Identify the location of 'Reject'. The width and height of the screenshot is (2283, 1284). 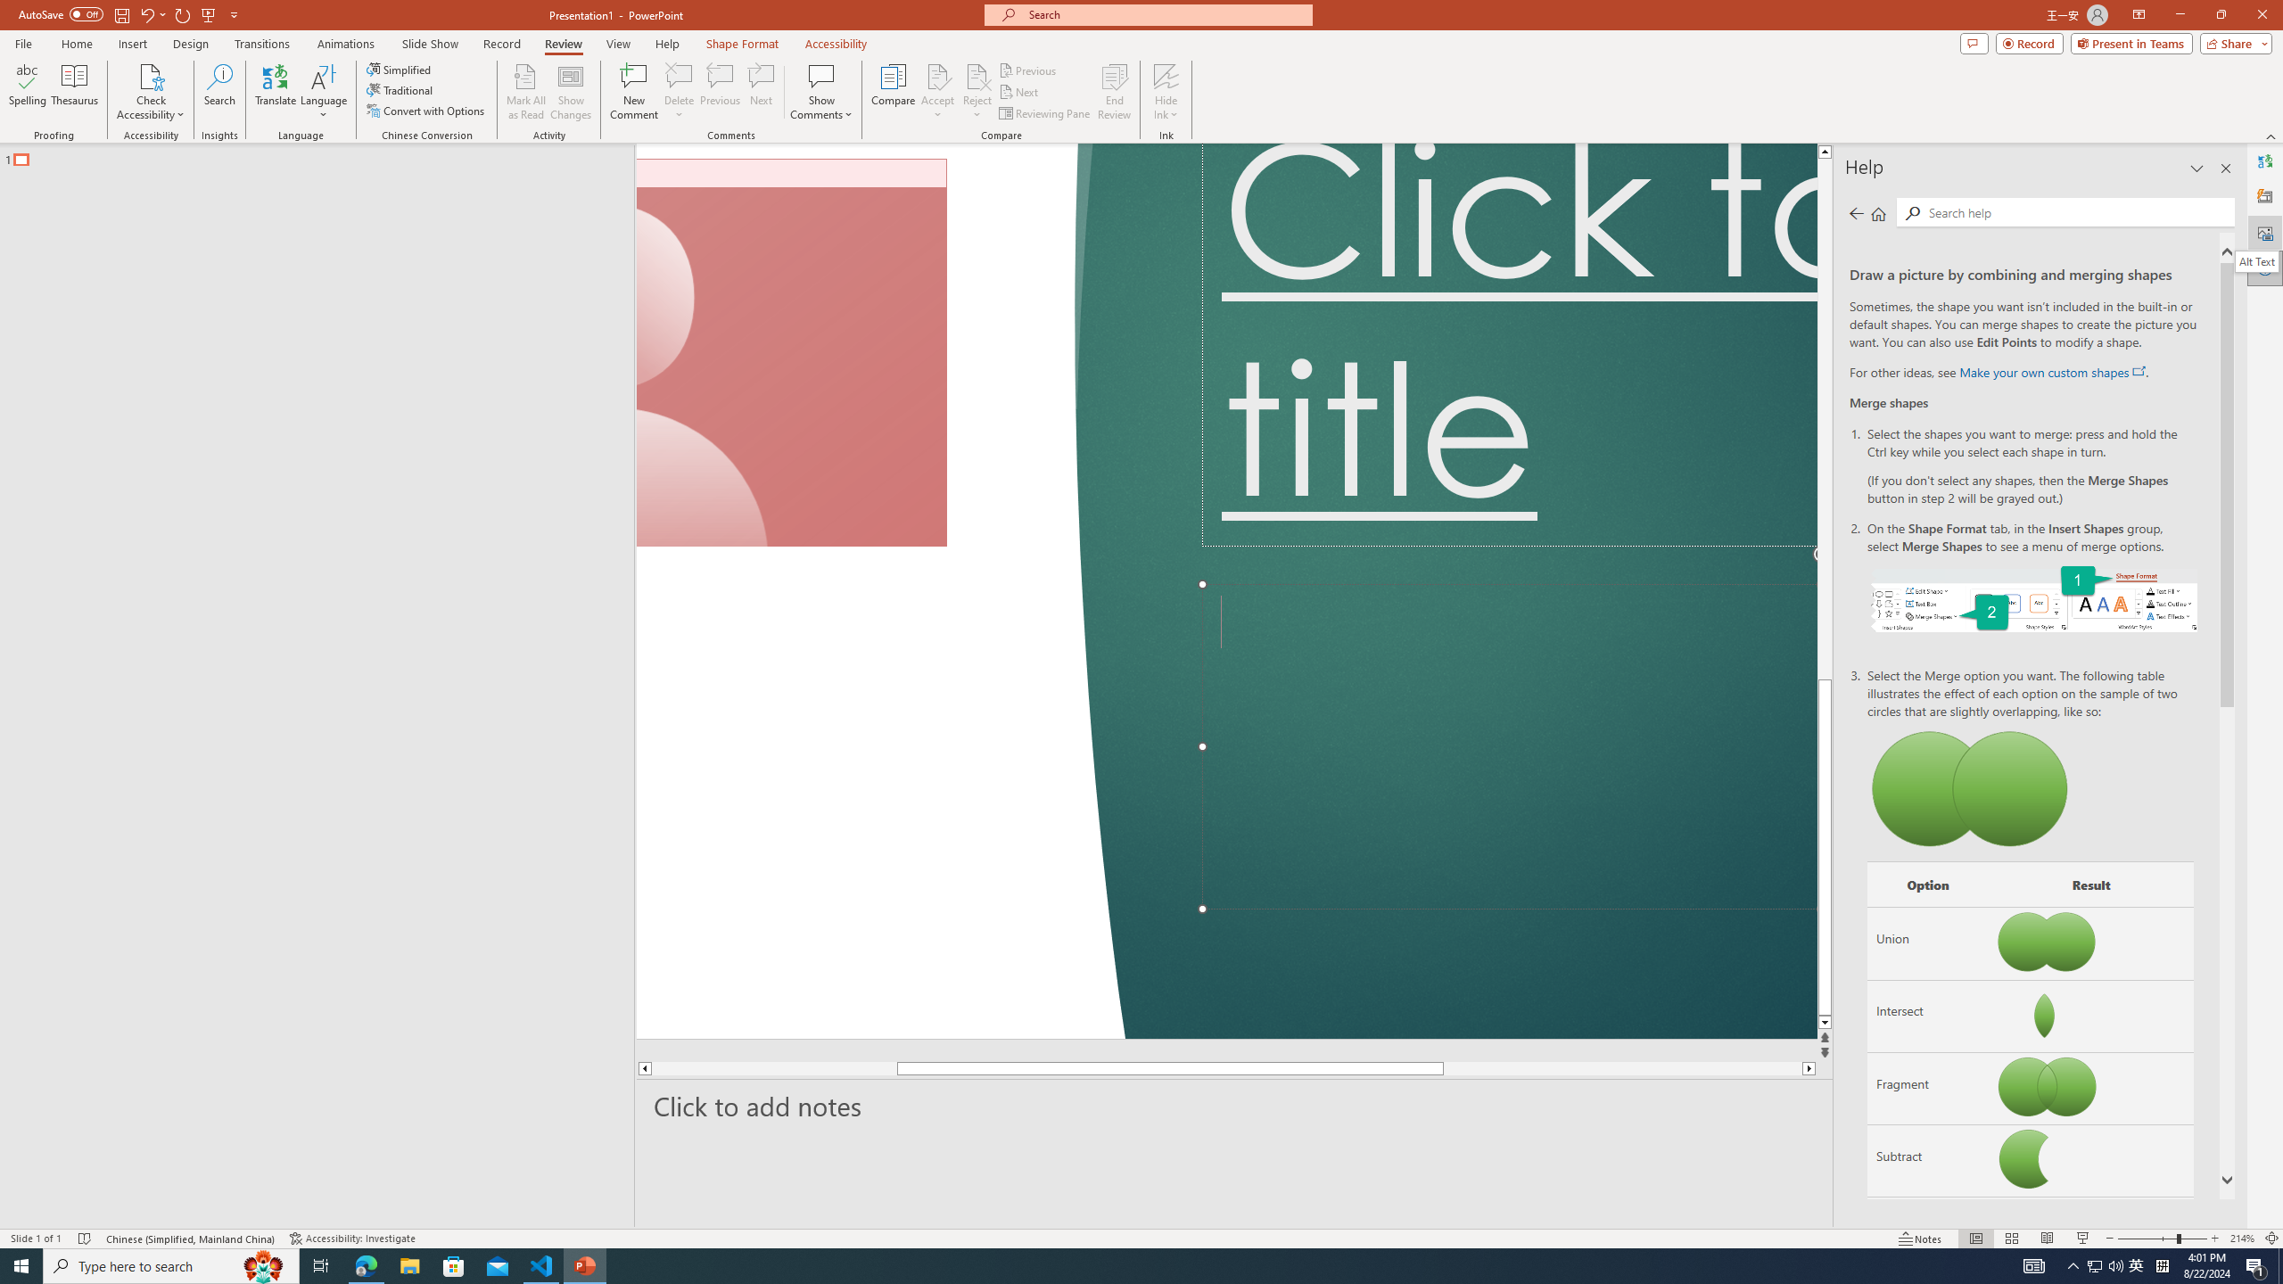
(976, 92).